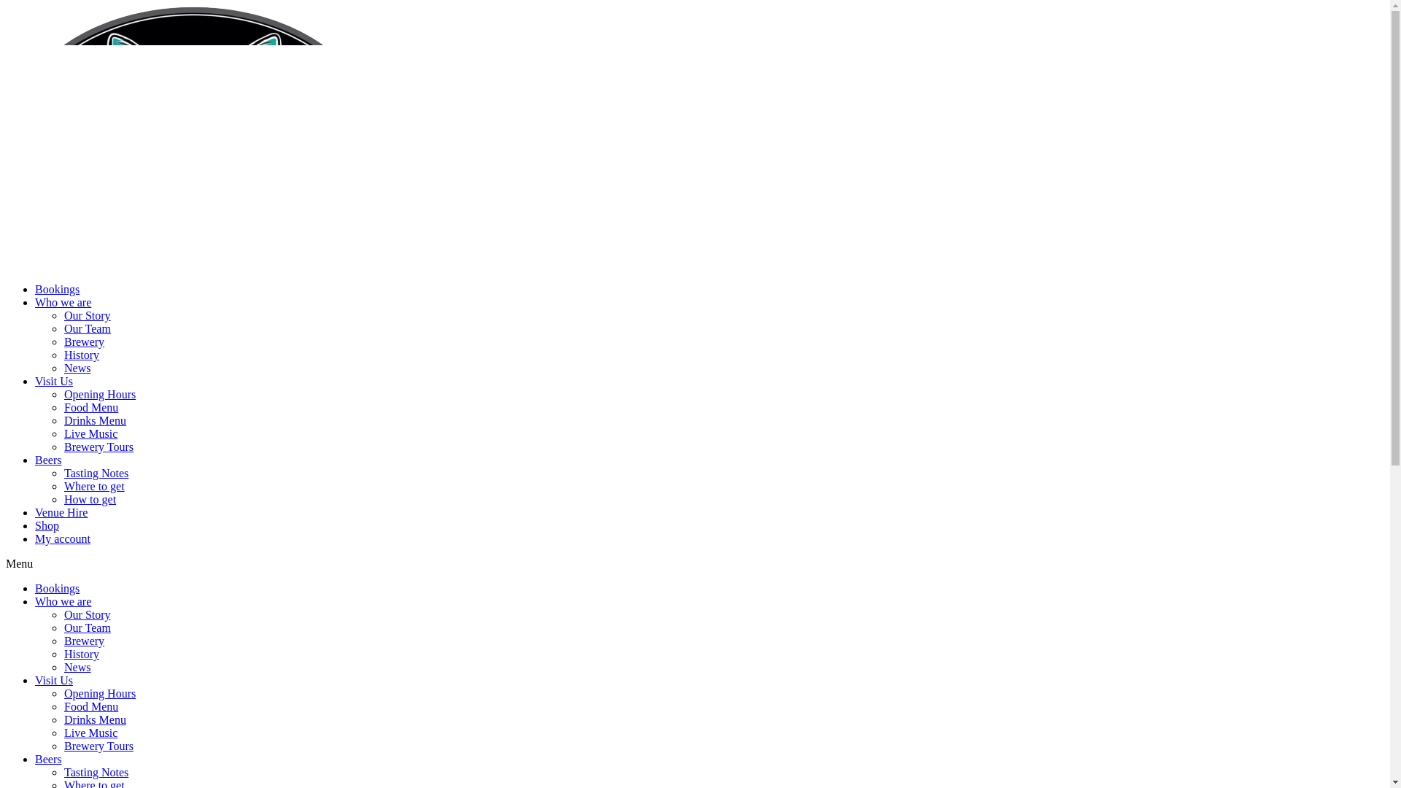  Describe the element at coordinates (35, 525) in the screenshot. I see `'Shop'` at that location.